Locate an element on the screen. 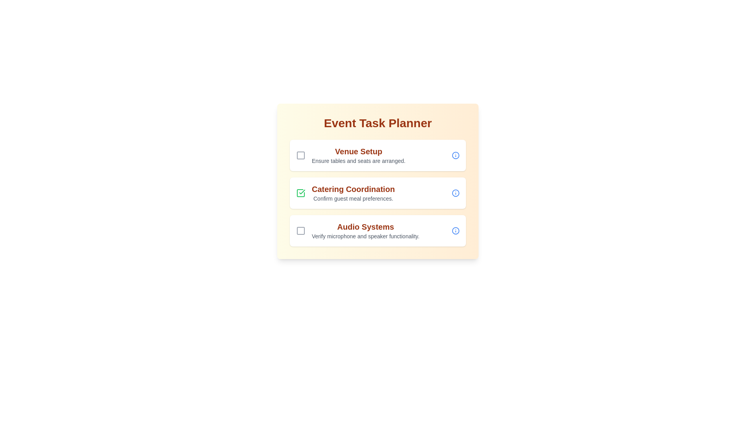 Image resolution: width=755 pixels, height=424 pixels. the information icon of the task titled 'Venue Setup' to view its details is located at coordinates (455, 155).